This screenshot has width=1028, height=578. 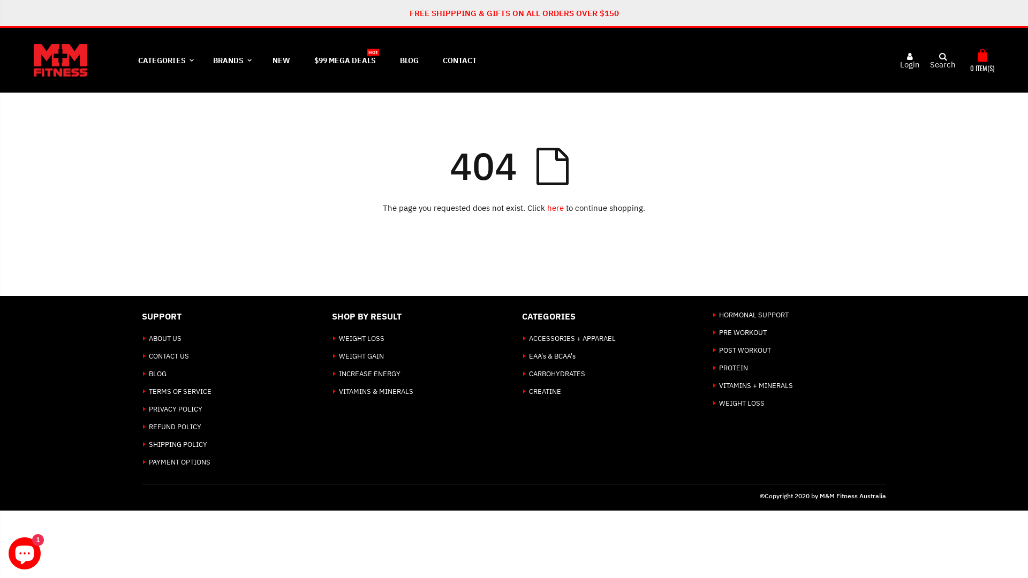 I want to click on 'ACCESSORIES + APPARAEL', so click(x=572, y=338).